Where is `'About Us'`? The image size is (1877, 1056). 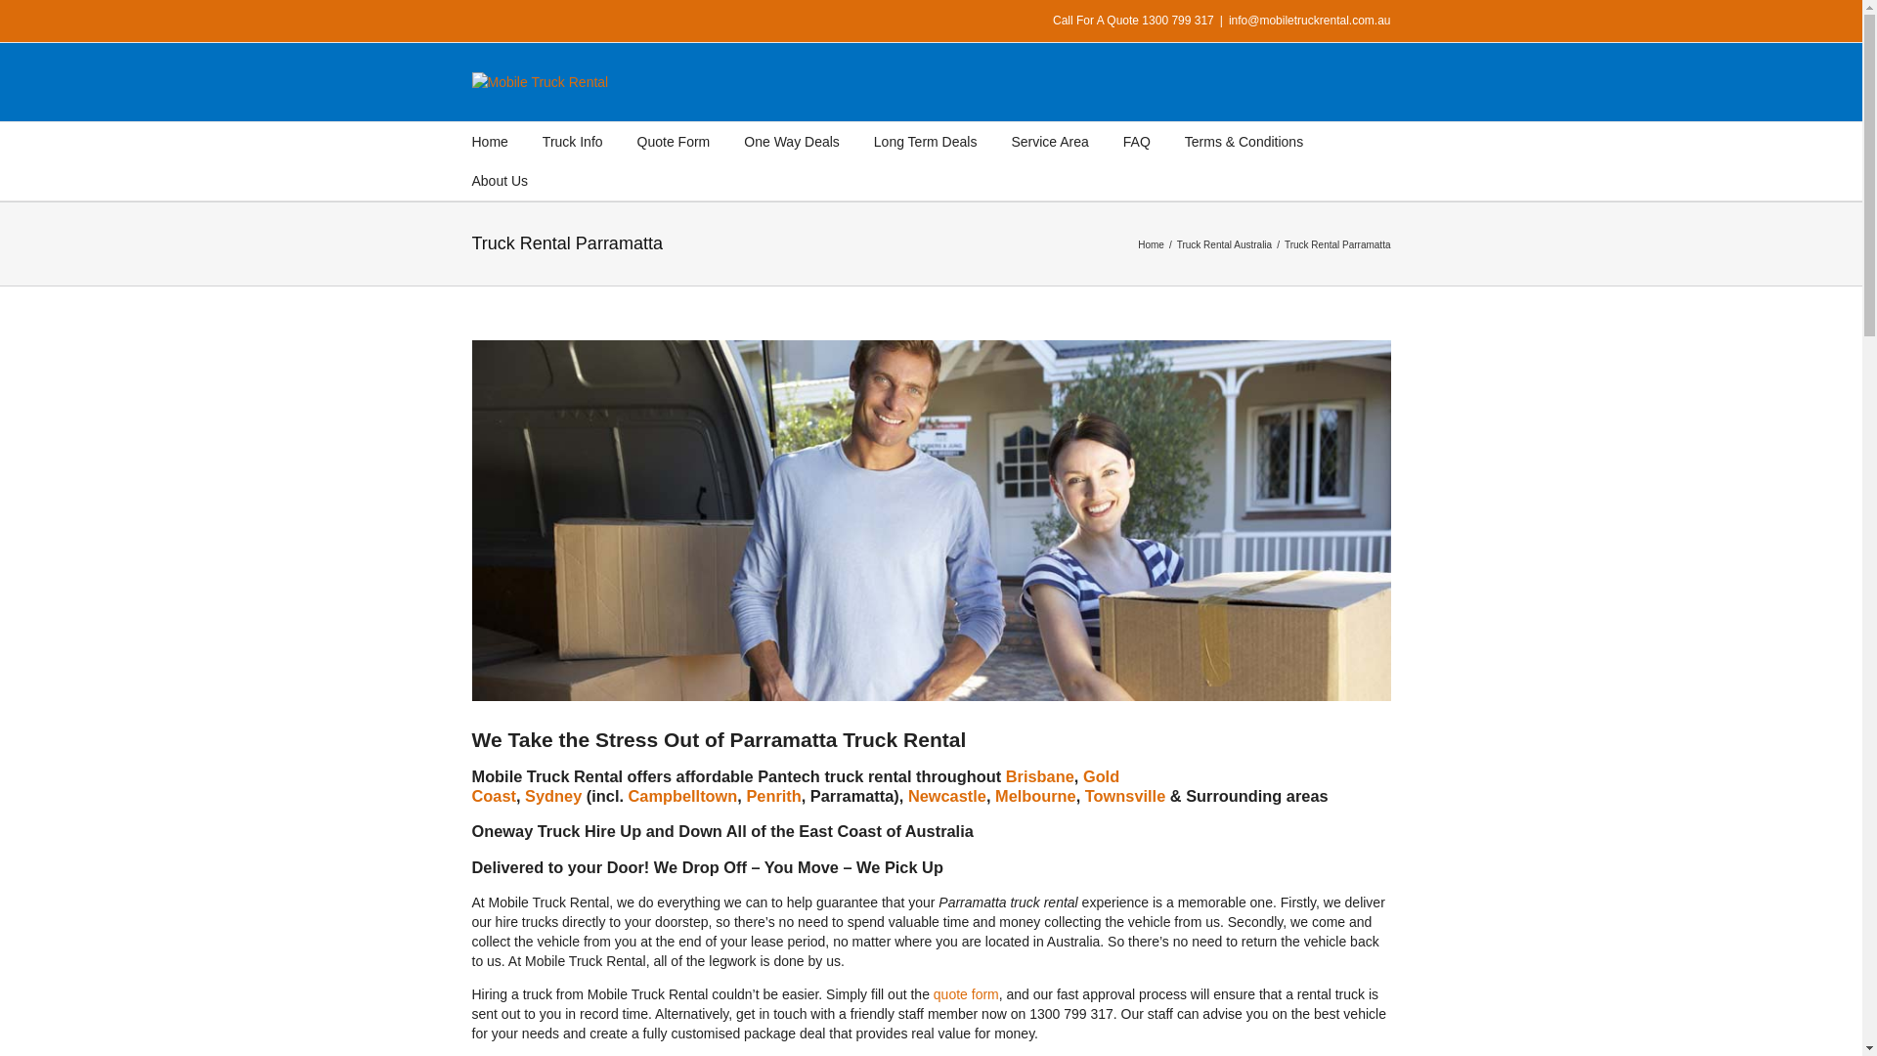 'About Us' is located at coordinates (499, 181).